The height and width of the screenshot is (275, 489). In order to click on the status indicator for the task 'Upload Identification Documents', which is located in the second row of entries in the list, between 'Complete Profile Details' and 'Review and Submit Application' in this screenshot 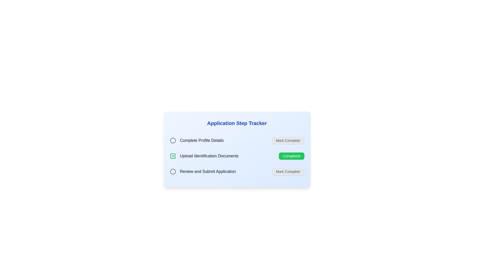, I will do `click(173, 156)`.